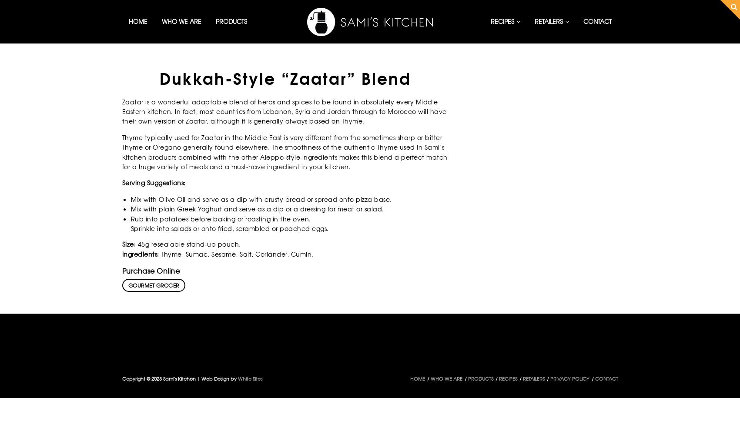 This screenshot has height=435, width=740. I want to click on 'Gourmet Grocer', so click(153, 285).